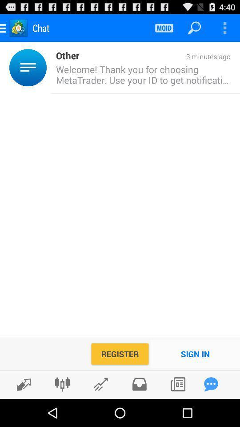 Image resolution: width=240 pixels, height=427 pixels. What do you see at coordinates (49, 67) in the screenshot?
I see `the icon below the chat` at bounding box center [49, 67].